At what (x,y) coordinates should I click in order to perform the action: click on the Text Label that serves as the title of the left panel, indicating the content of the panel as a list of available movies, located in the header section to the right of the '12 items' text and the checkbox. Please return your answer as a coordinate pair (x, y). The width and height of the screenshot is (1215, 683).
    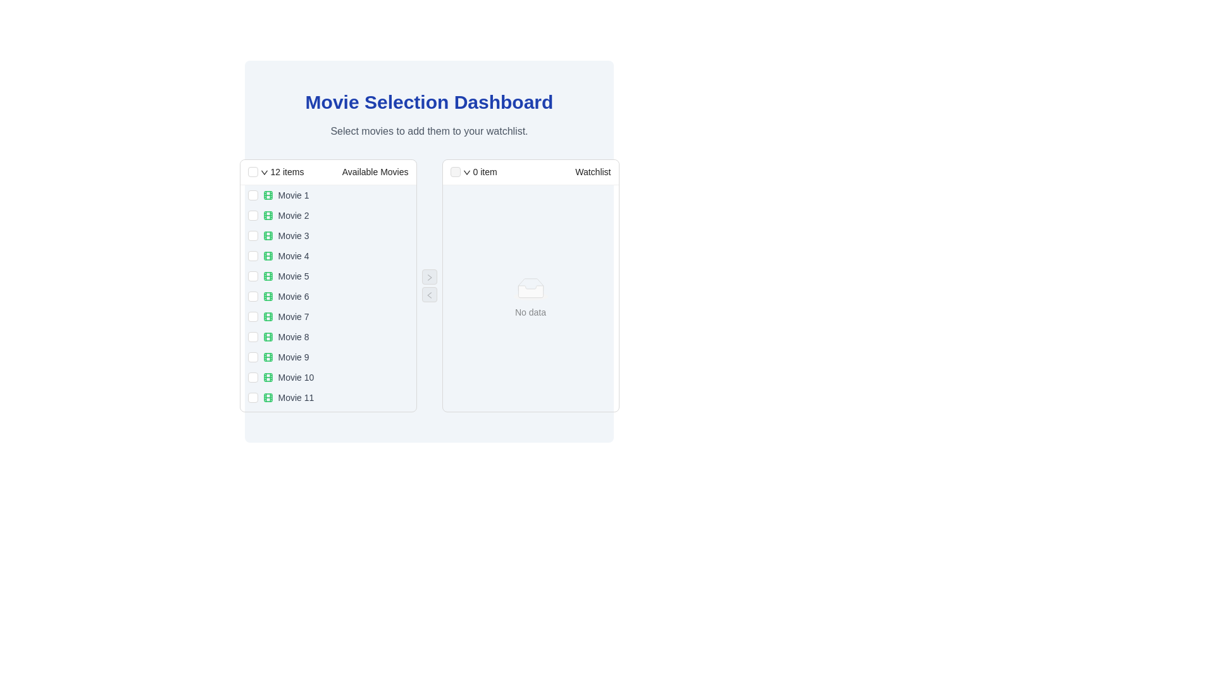
    Looking at the image, I should click on (357, 172).